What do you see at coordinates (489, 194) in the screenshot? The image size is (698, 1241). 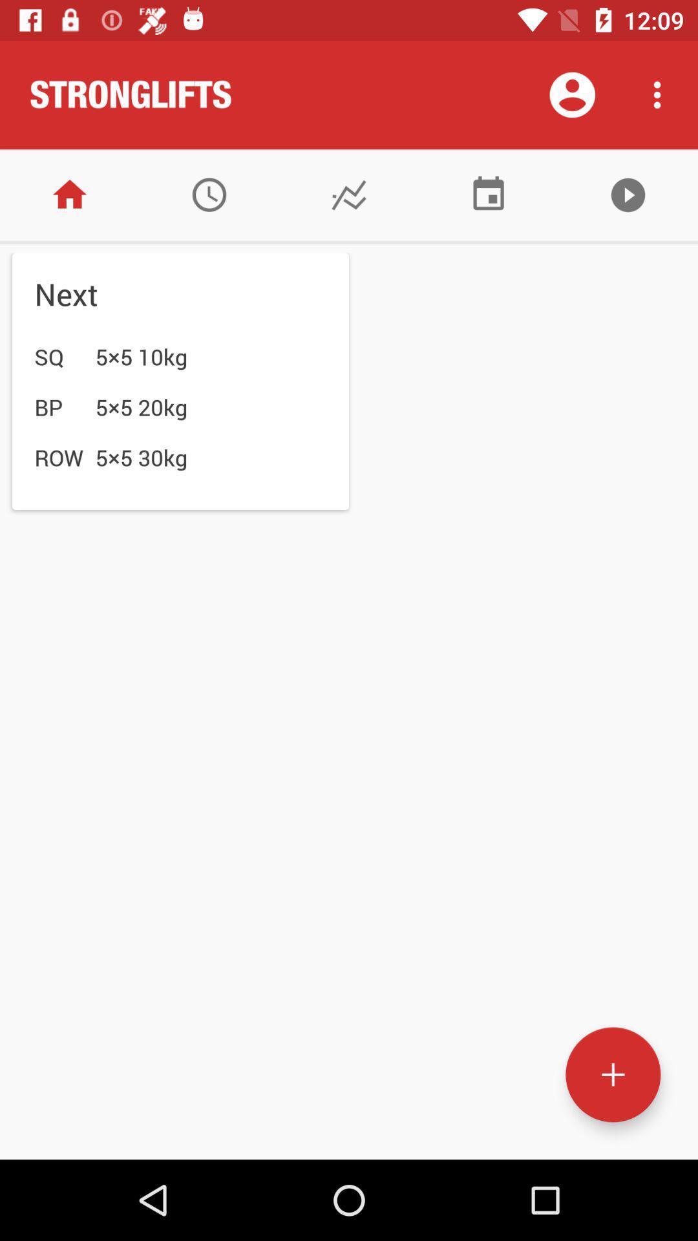 I see `open calendar` at bounding box center [489, 194].